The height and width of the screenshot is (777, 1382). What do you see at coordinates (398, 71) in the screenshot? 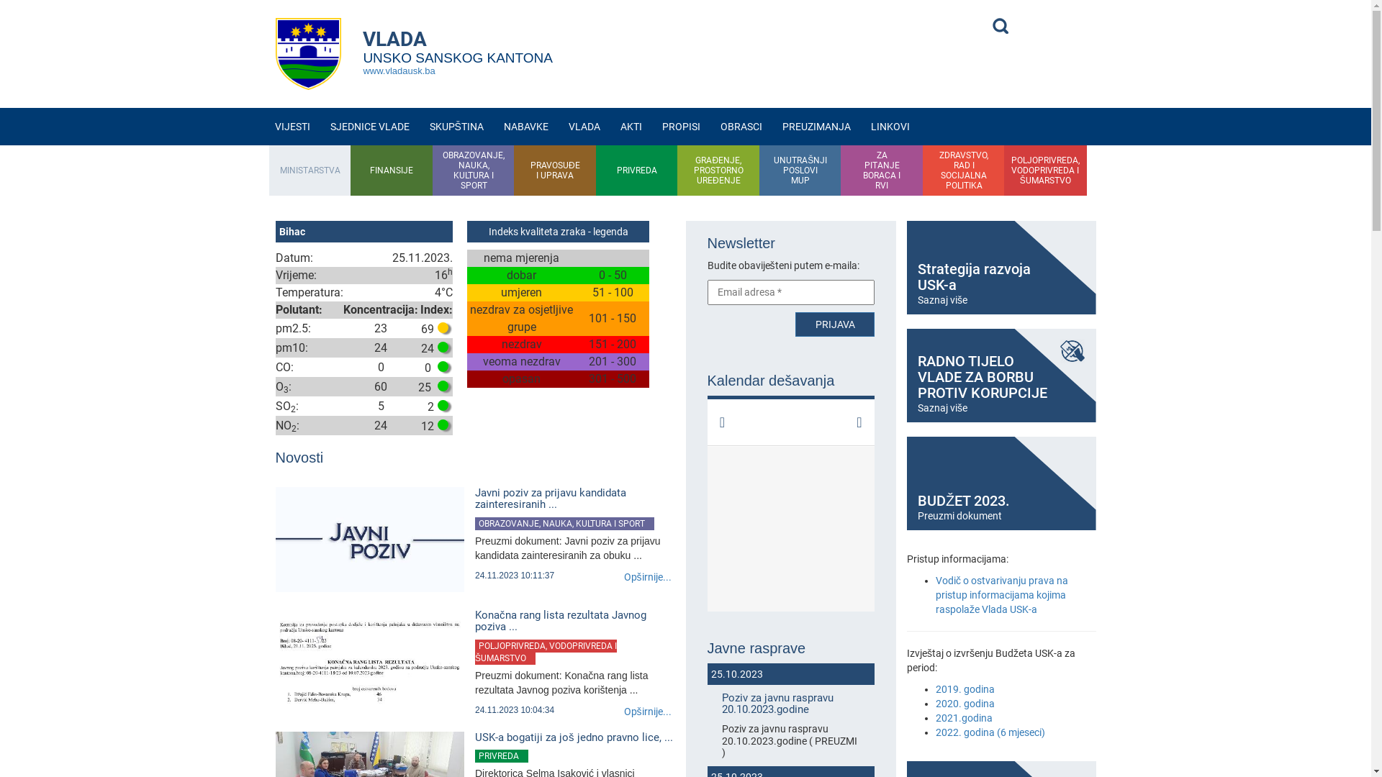
I see `'www.vladausk.ba'` at bounding box center [398, 71].